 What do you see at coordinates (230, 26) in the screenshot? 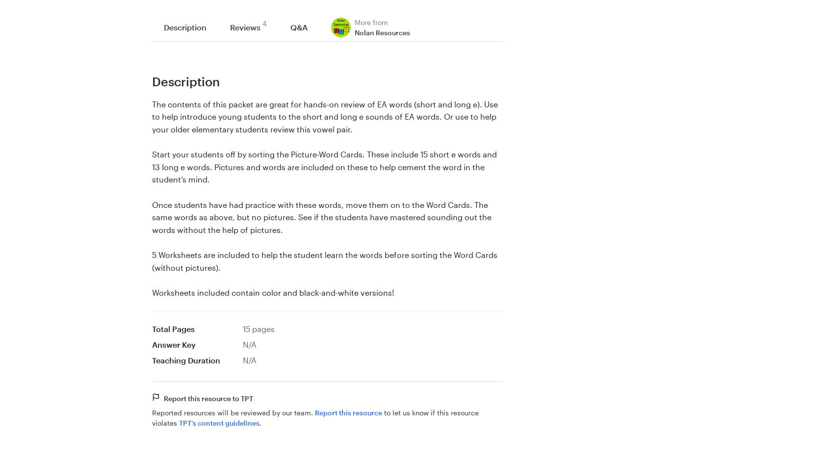
I see `'Reviews'` at bounding box center [230, 26].